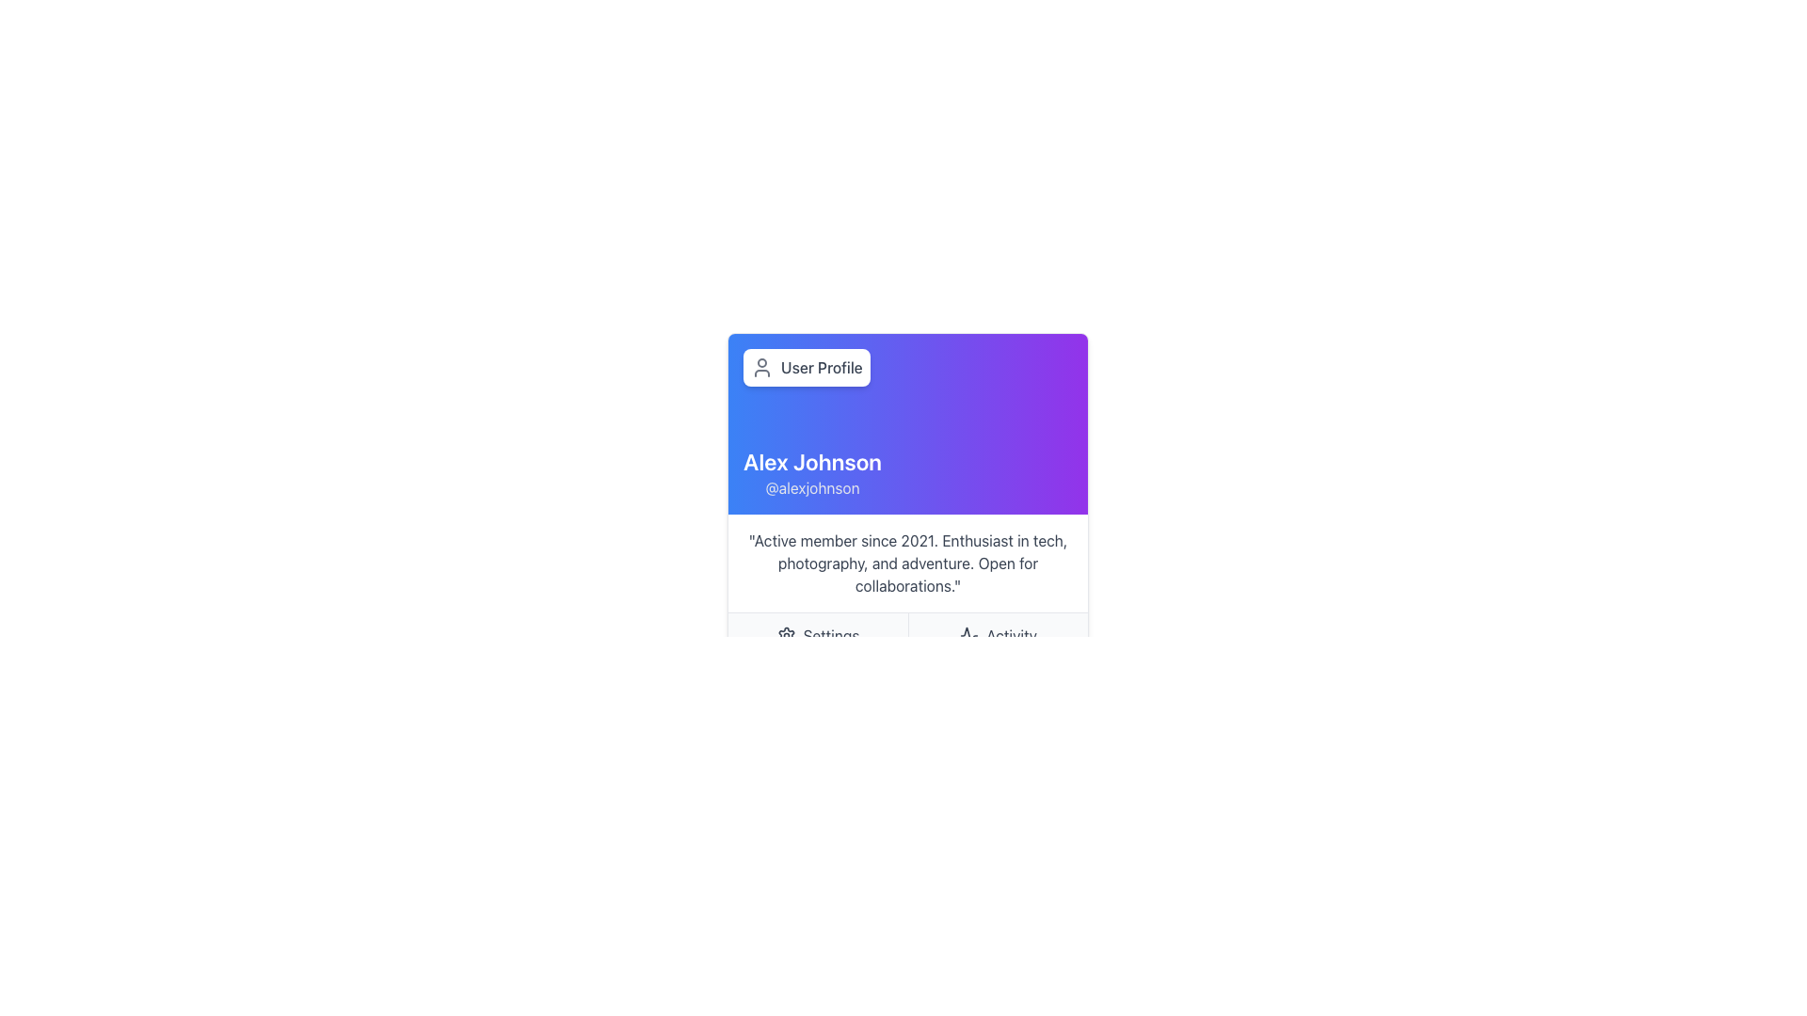 This screenshot has width=1807, height=1016. I want to click on the settings icon, which is a small cogwheel-like SVG icon located to the left of the 'Settings' text label in the horizontal menu below the user profile details section, so click(786, 635).